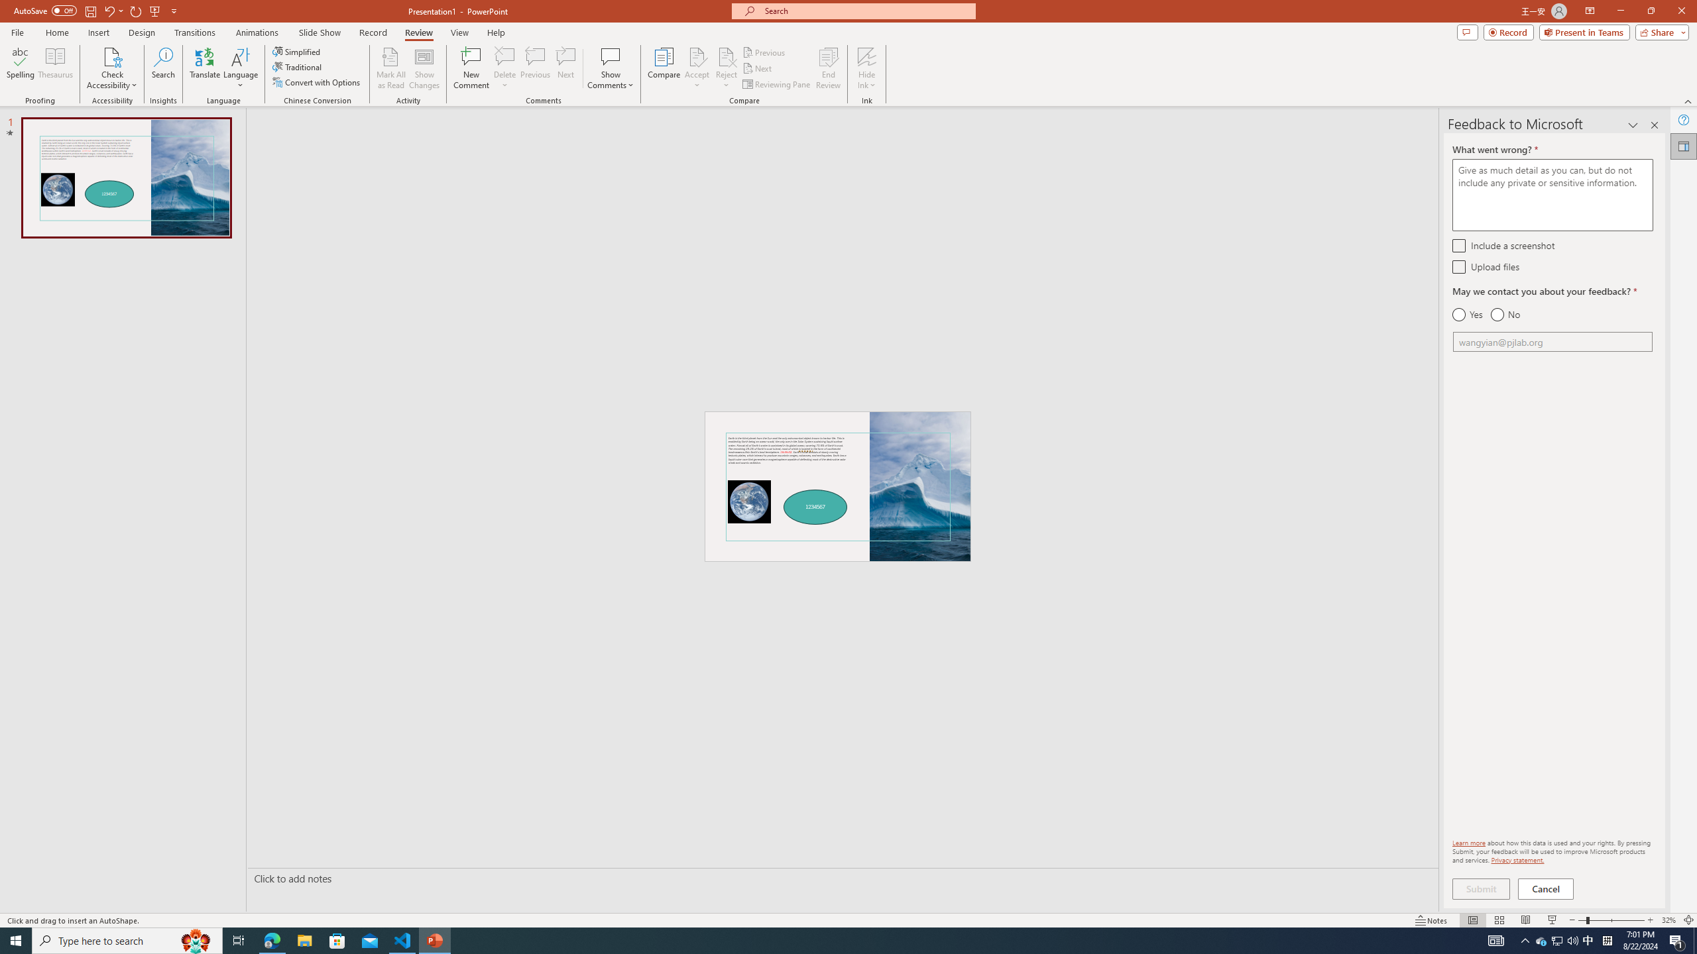 The image size is (1697, 954). What do you see at coordinates (19, 68) in the screenshot?
I see `'Spelling...'` at bounding box center [19, 68].